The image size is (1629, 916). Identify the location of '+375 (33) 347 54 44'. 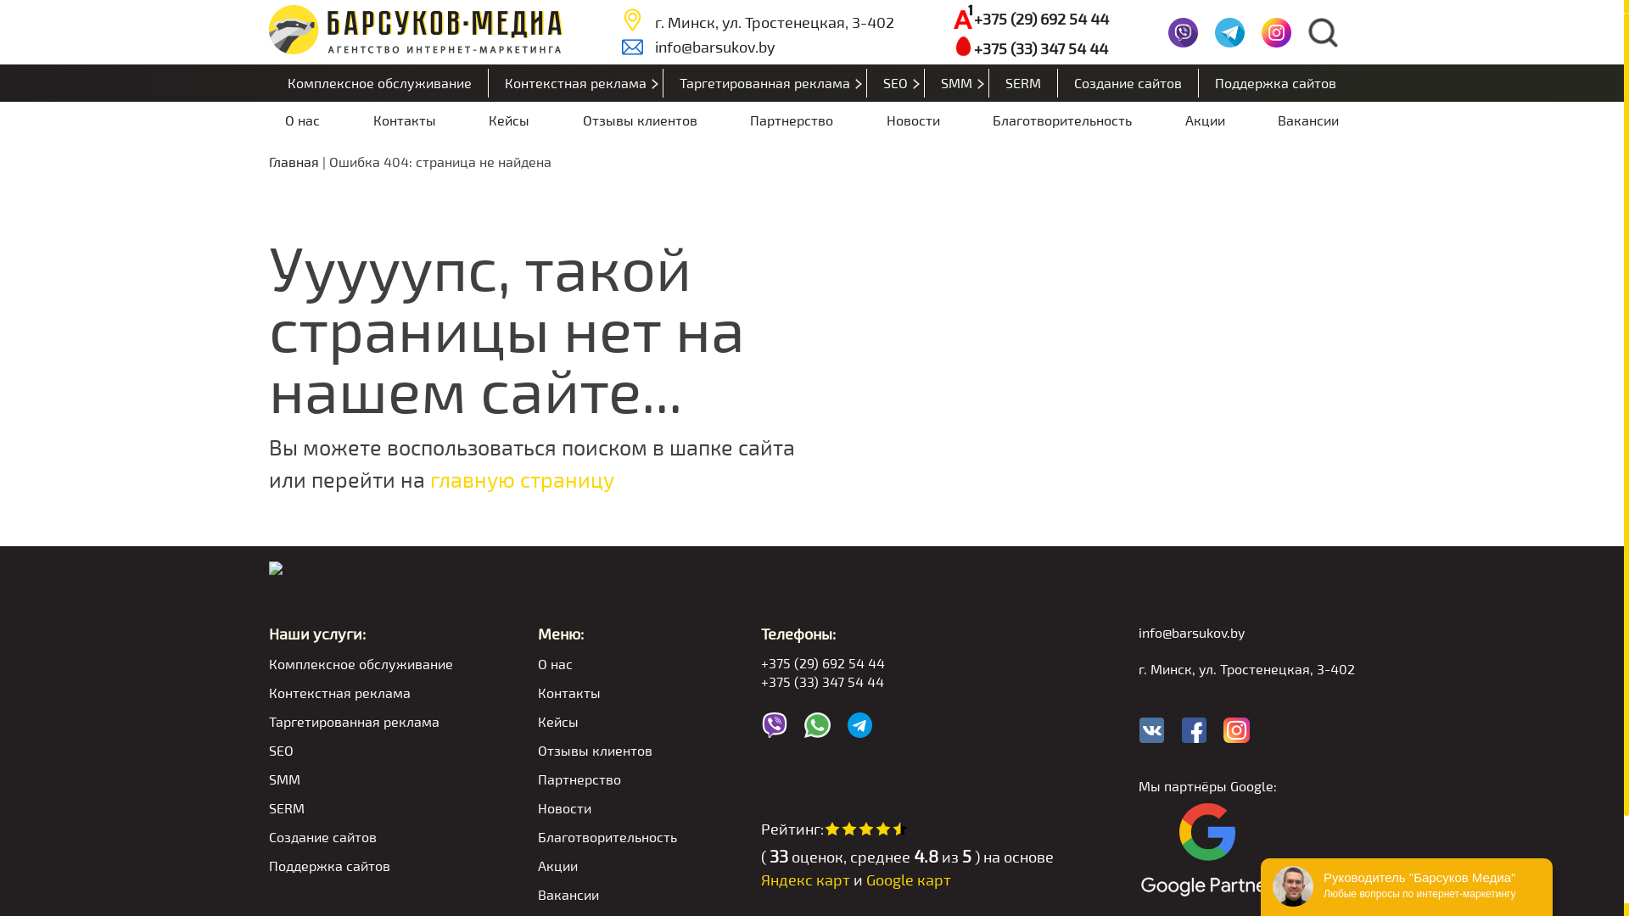
(1029, 47).